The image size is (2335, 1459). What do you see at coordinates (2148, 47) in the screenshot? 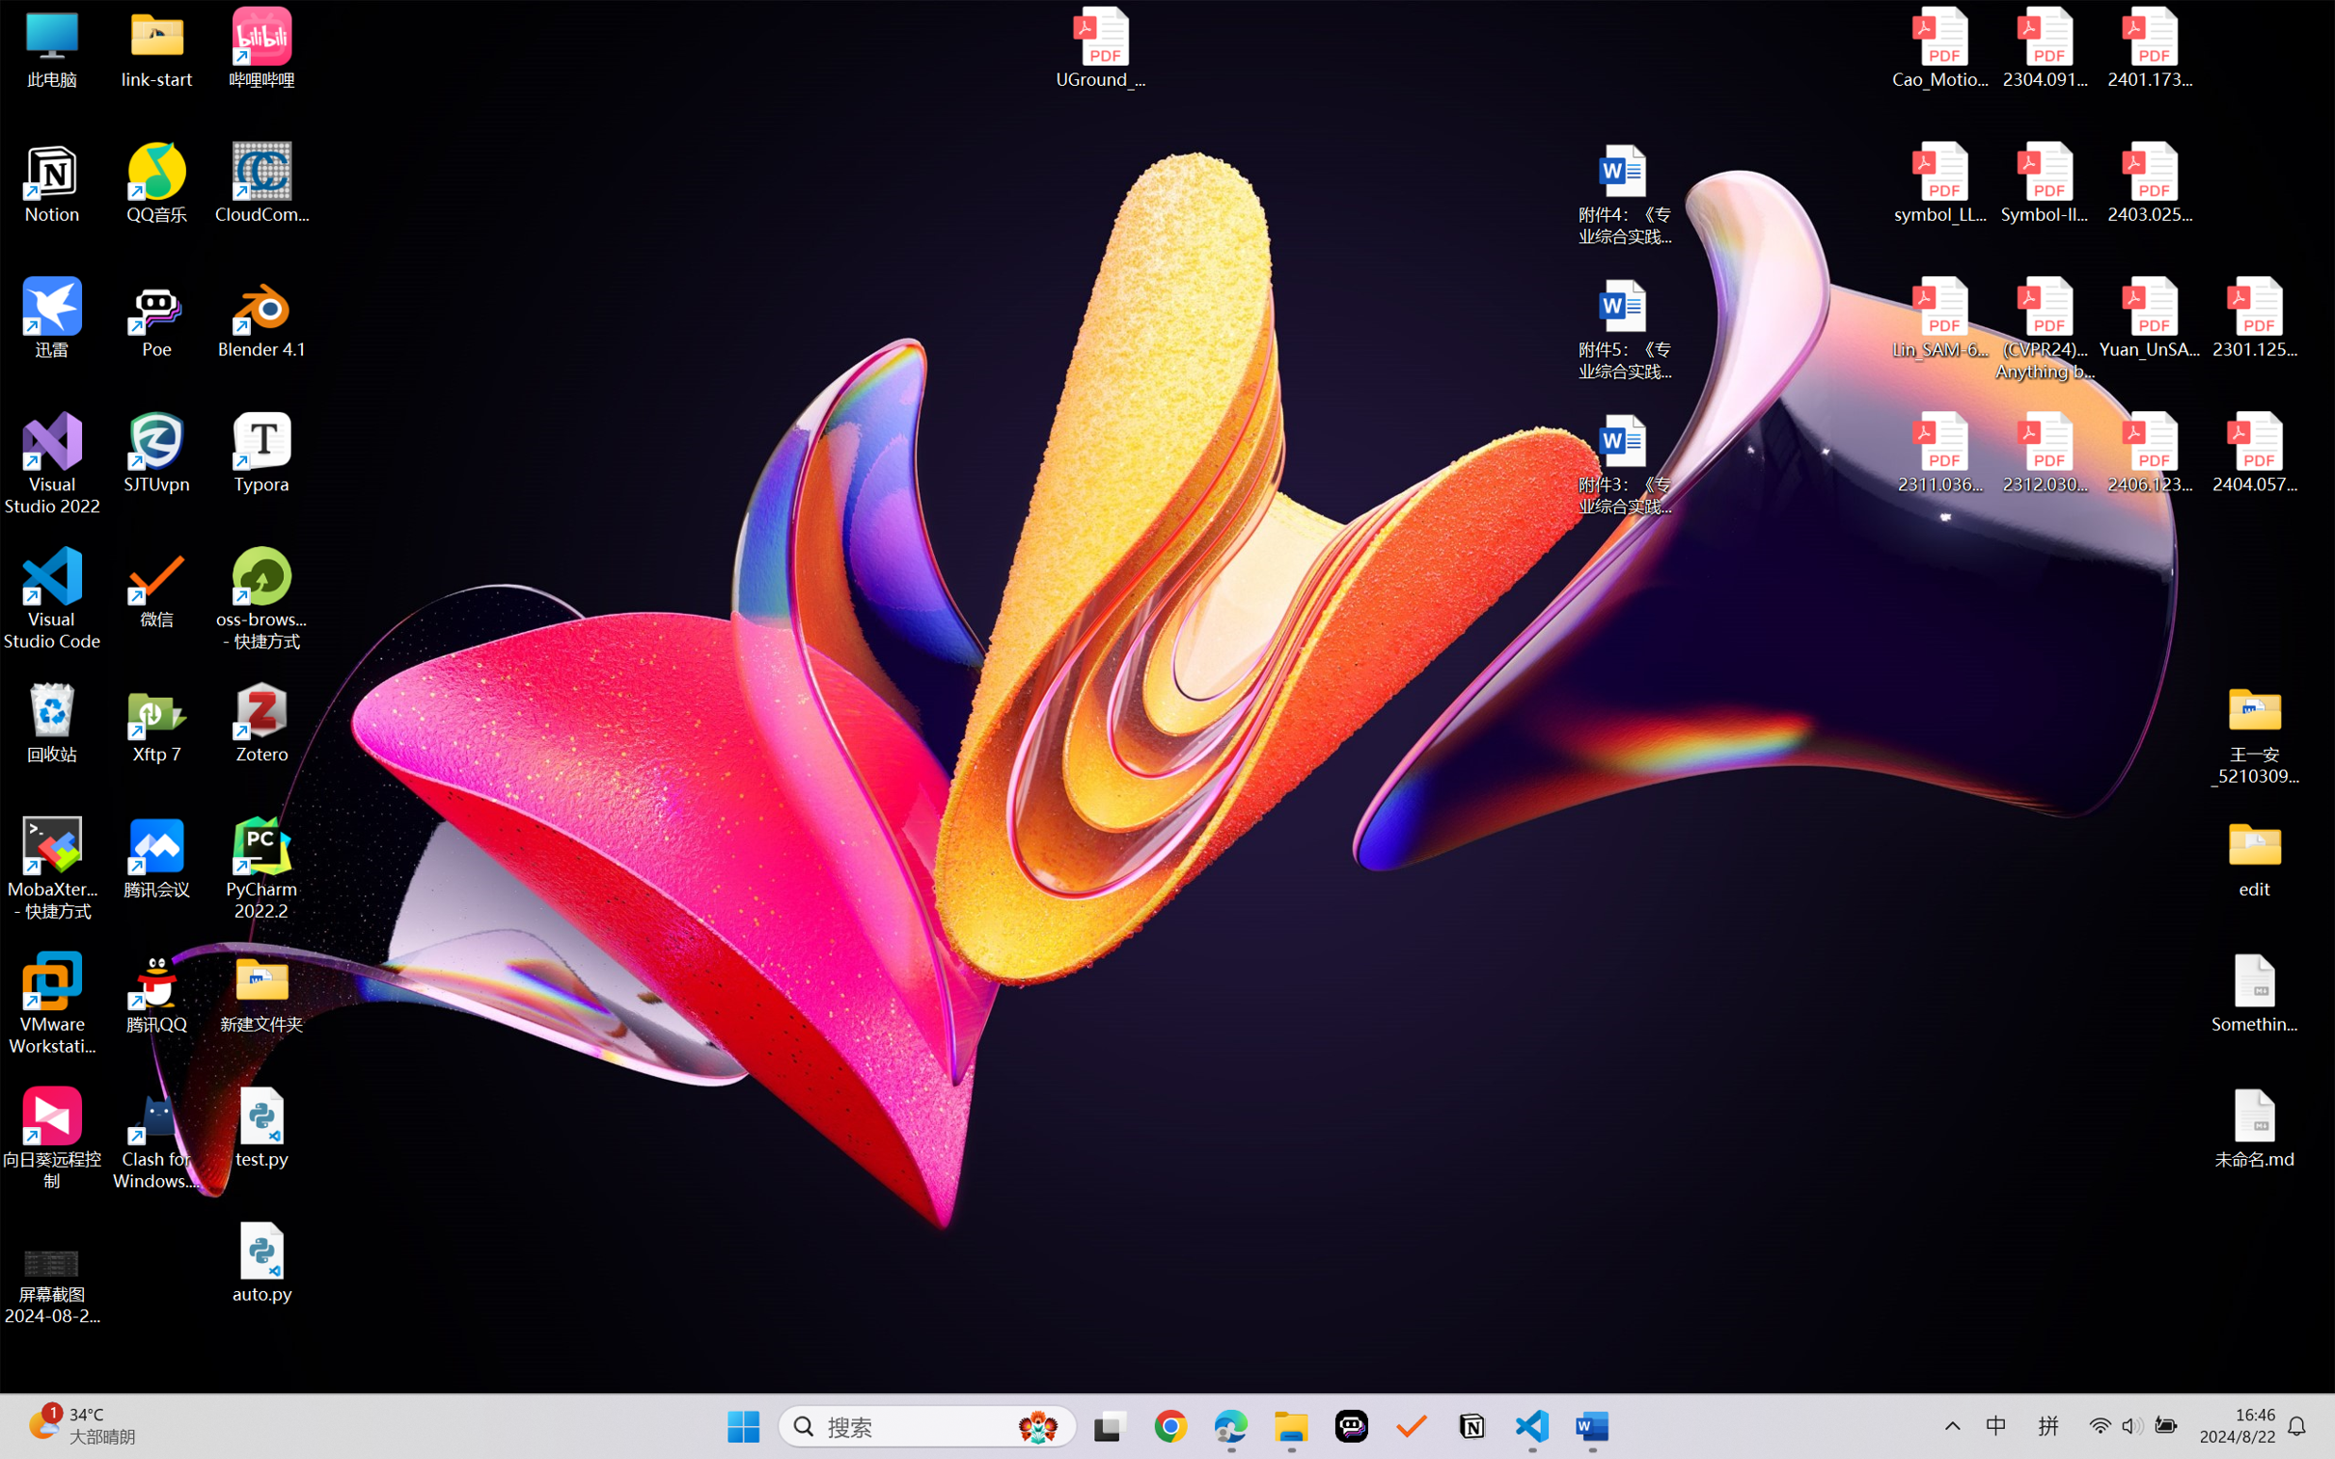
I see `'2401.17399v1.pdf'` at bounding box center [2148, 47].